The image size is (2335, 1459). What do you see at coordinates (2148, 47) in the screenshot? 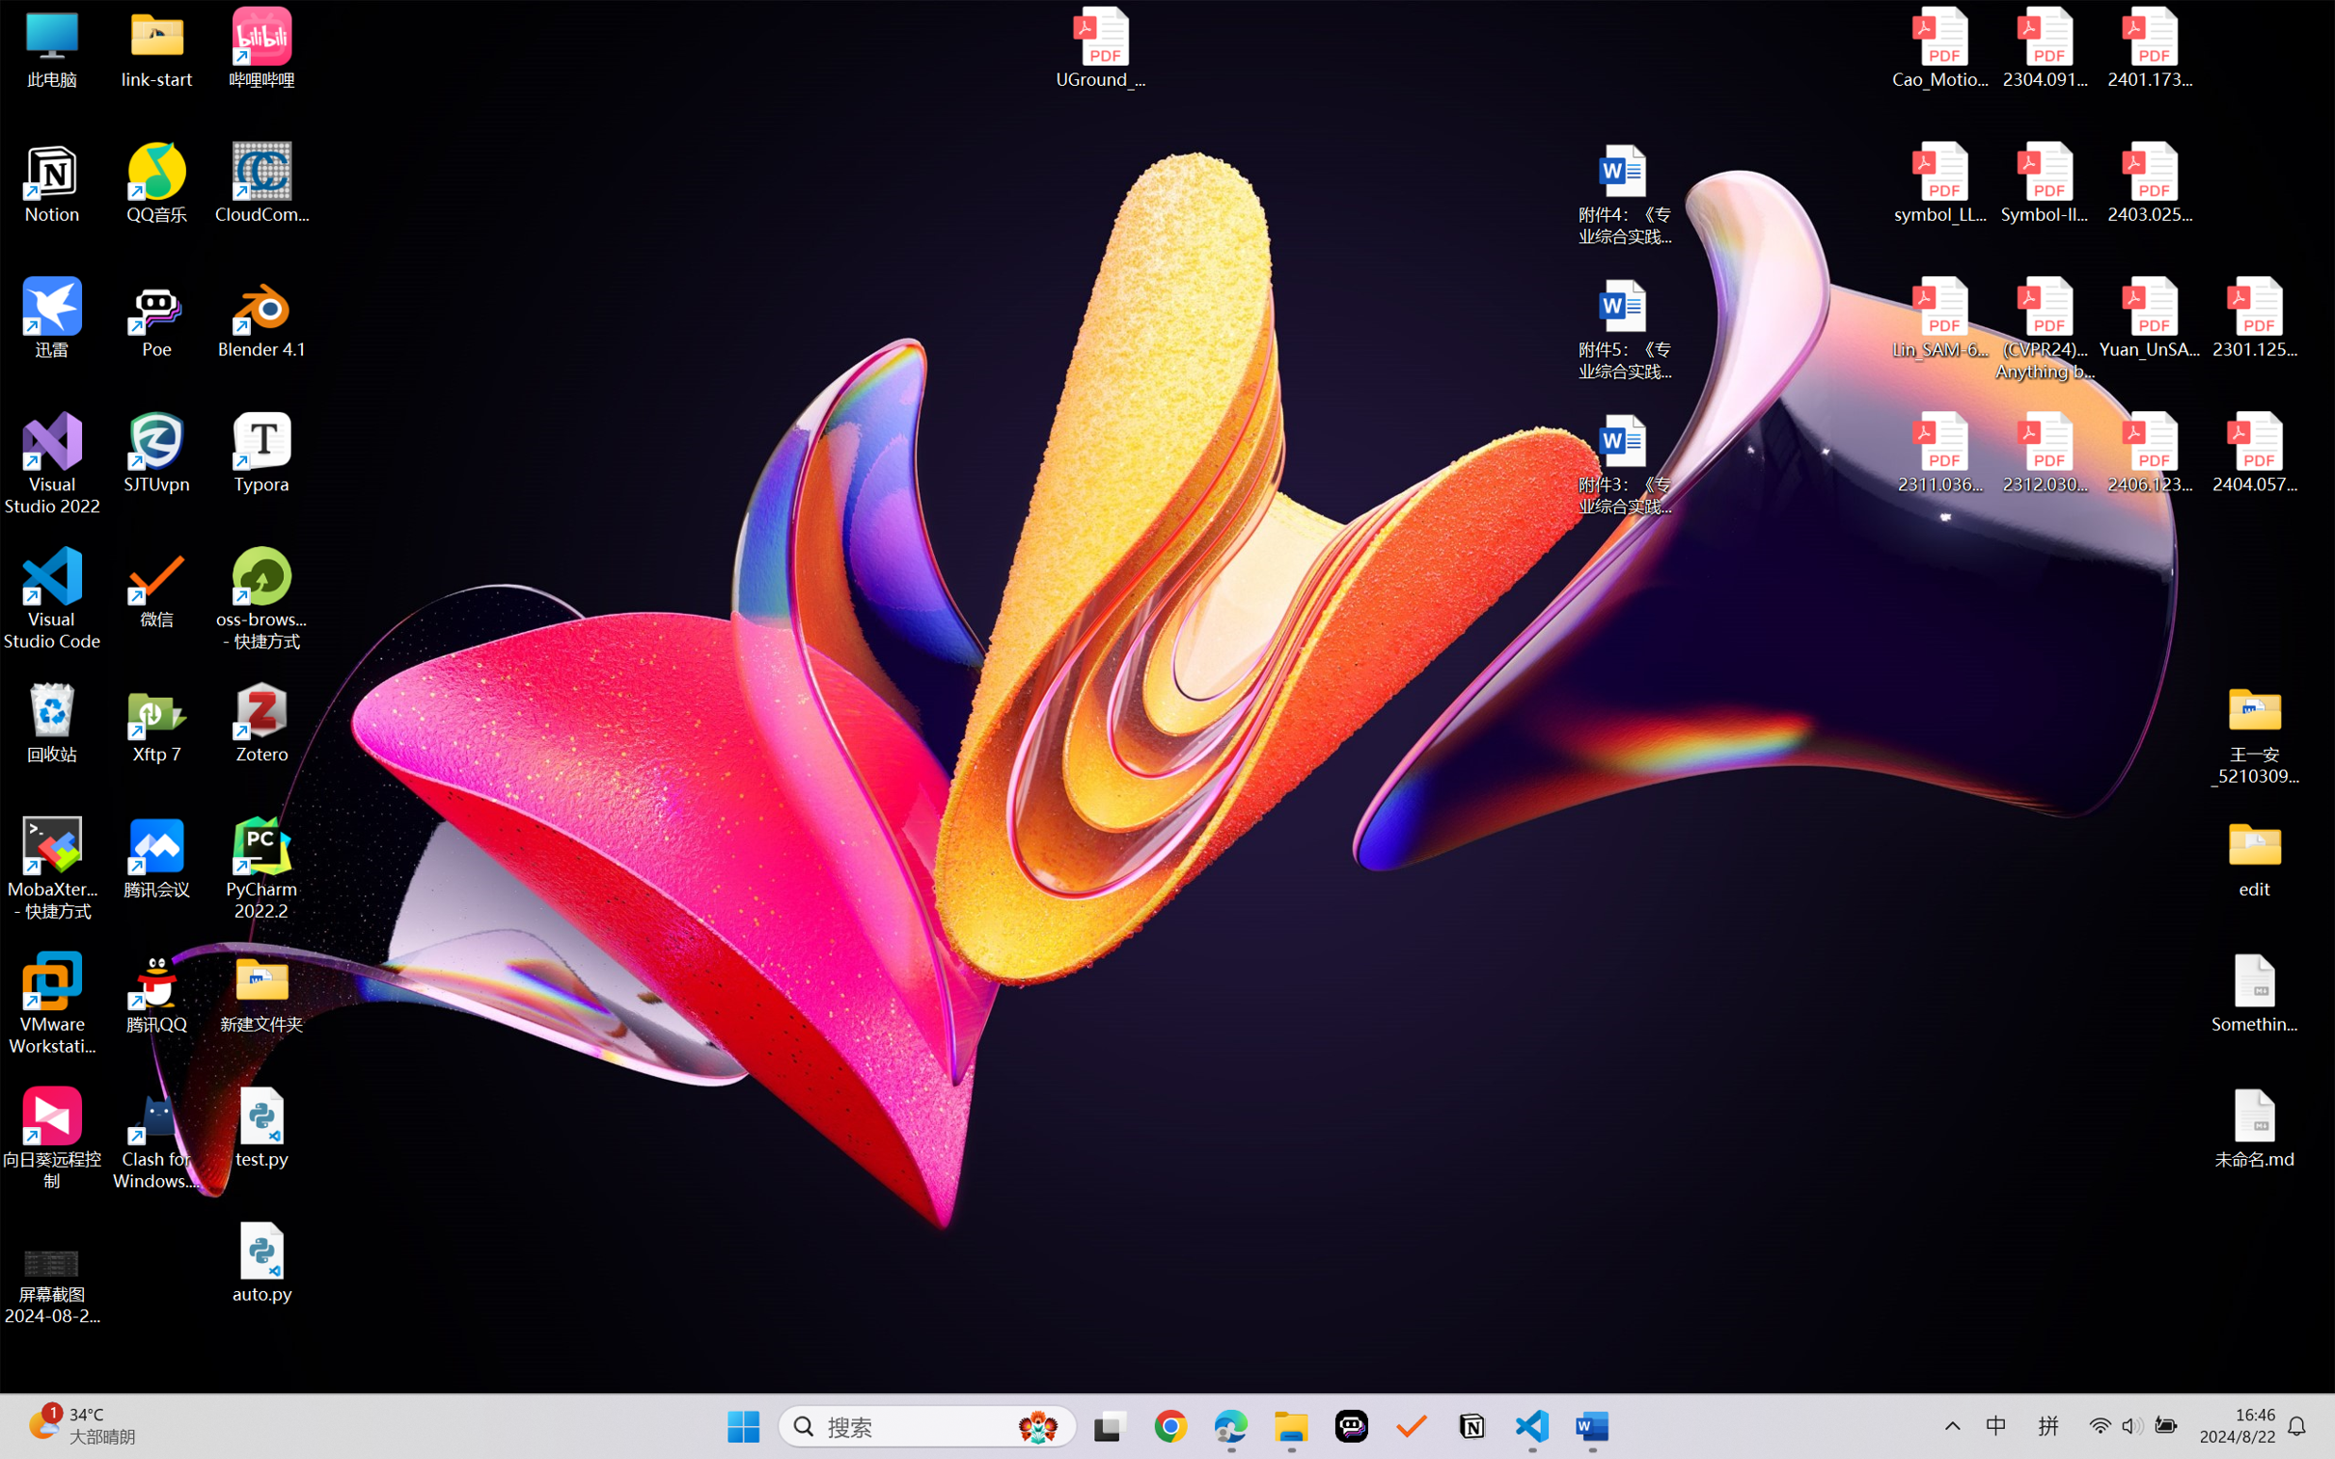
I see `'2401.17399v1.pdf'` at bounding box center [2148, 47].